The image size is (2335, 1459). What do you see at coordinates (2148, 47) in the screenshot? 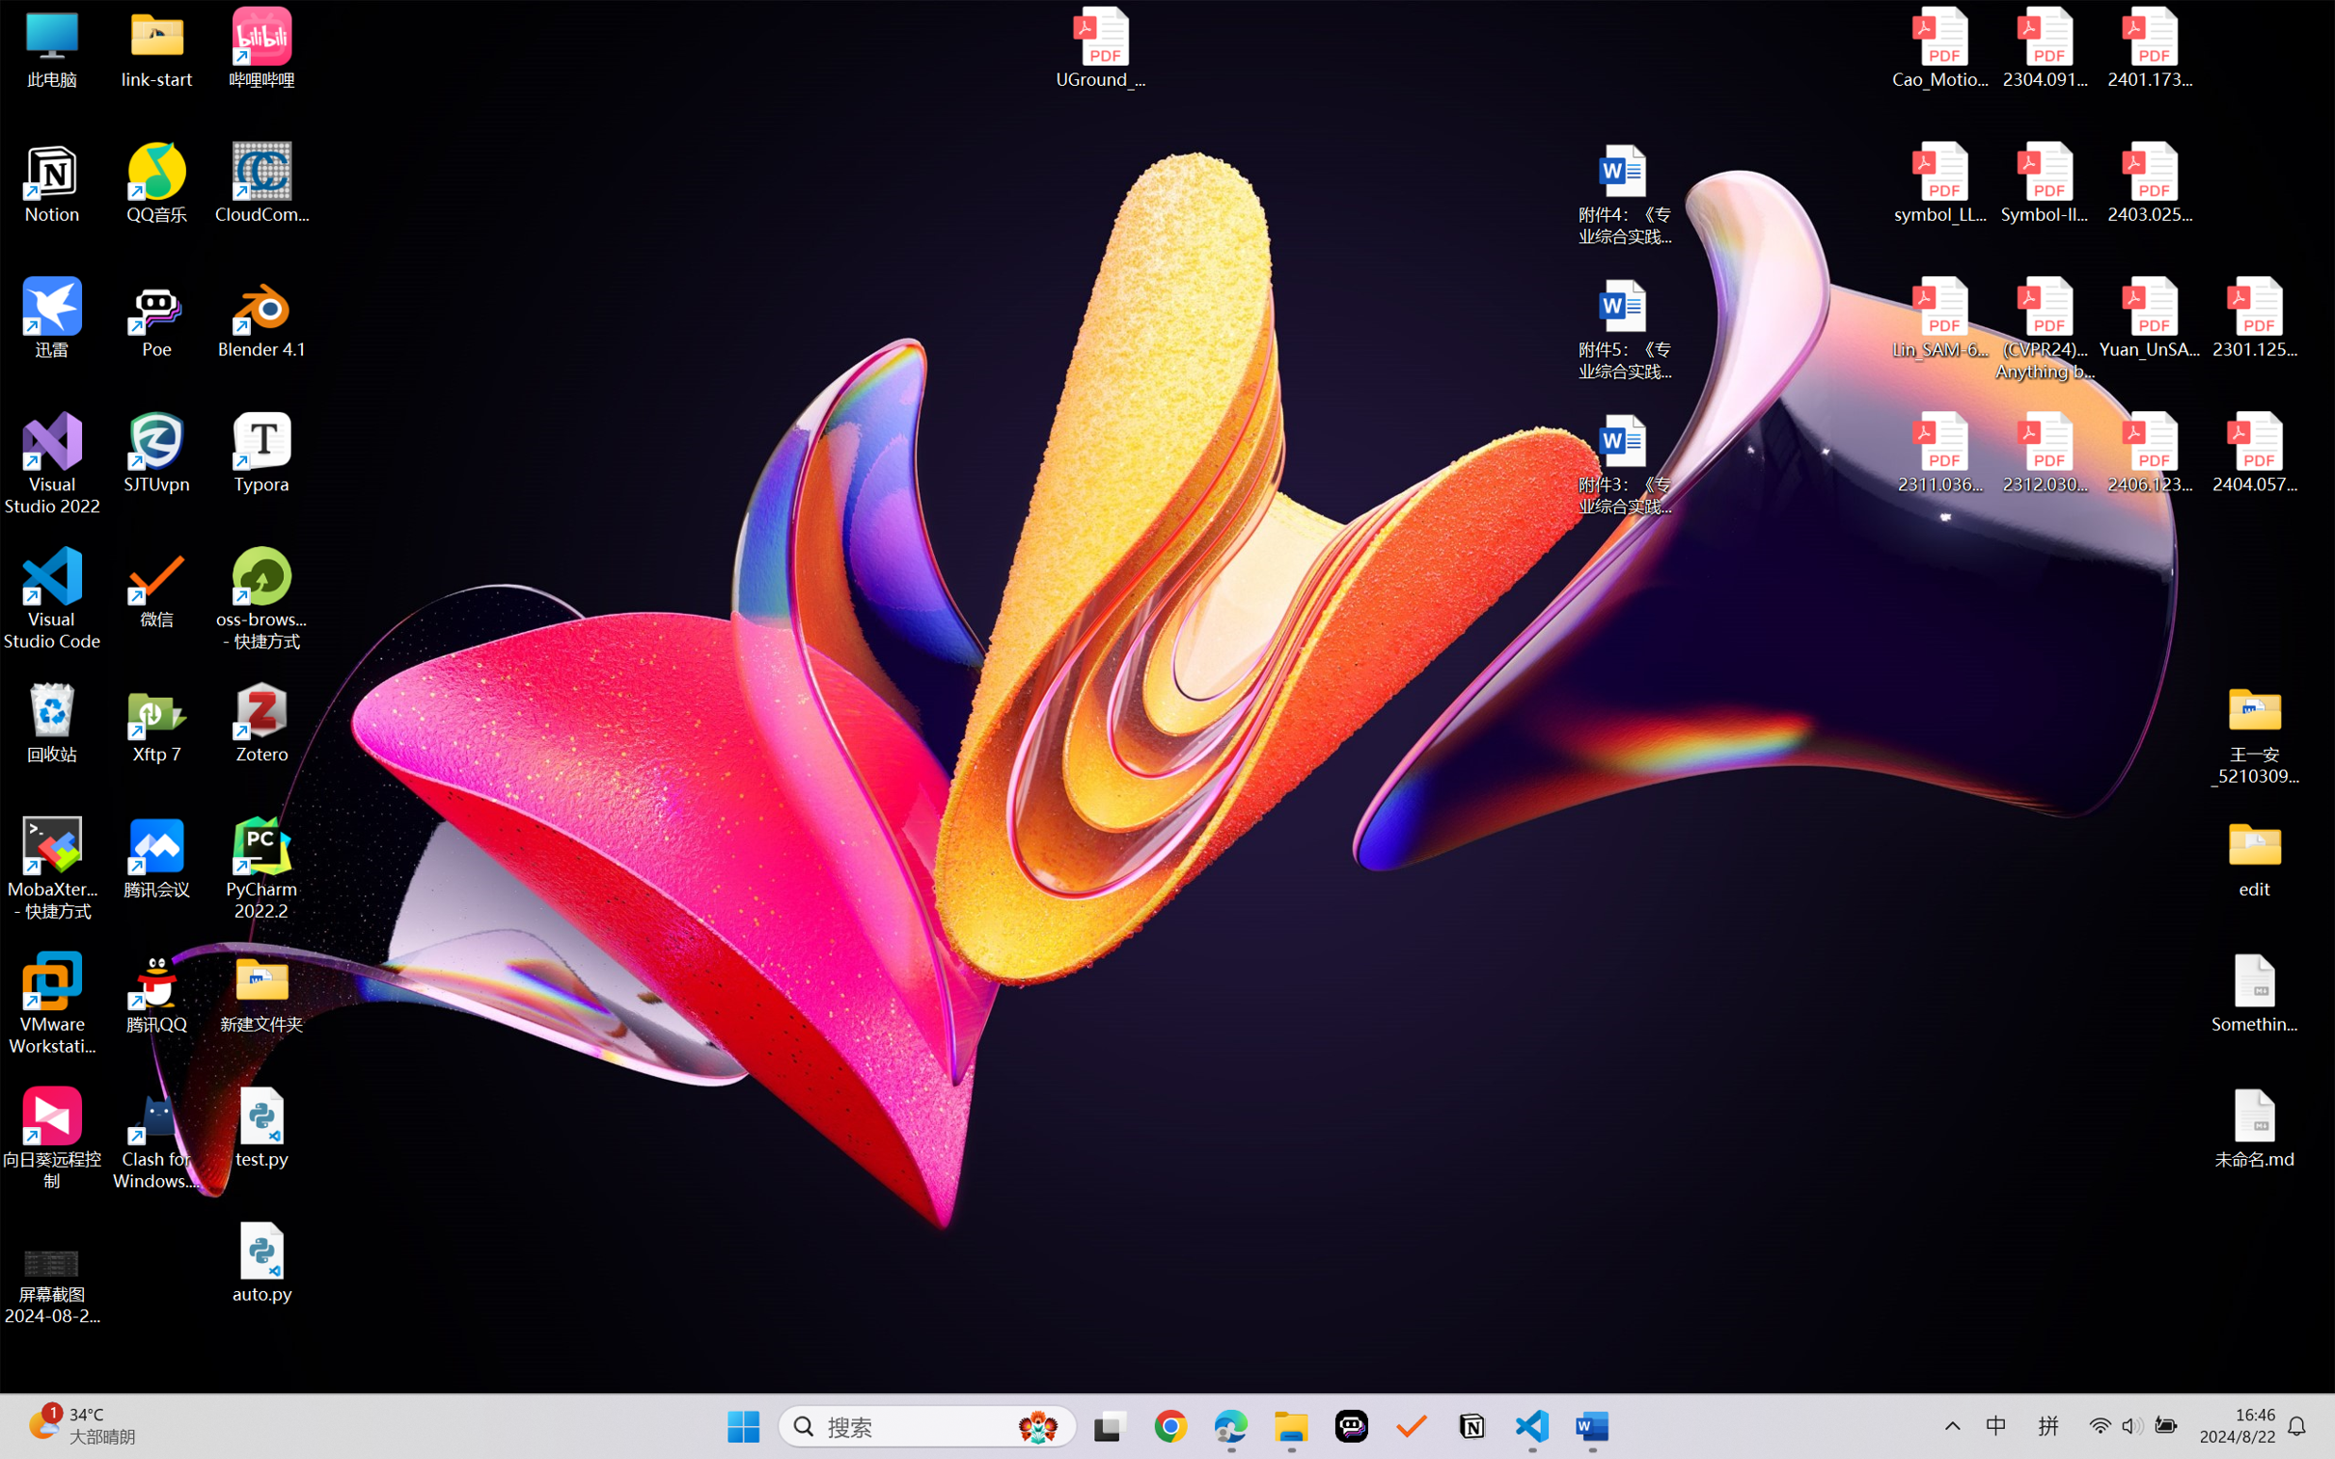
I see `'2401.17399v1.pdf'` at bounding box center [2148, 47].